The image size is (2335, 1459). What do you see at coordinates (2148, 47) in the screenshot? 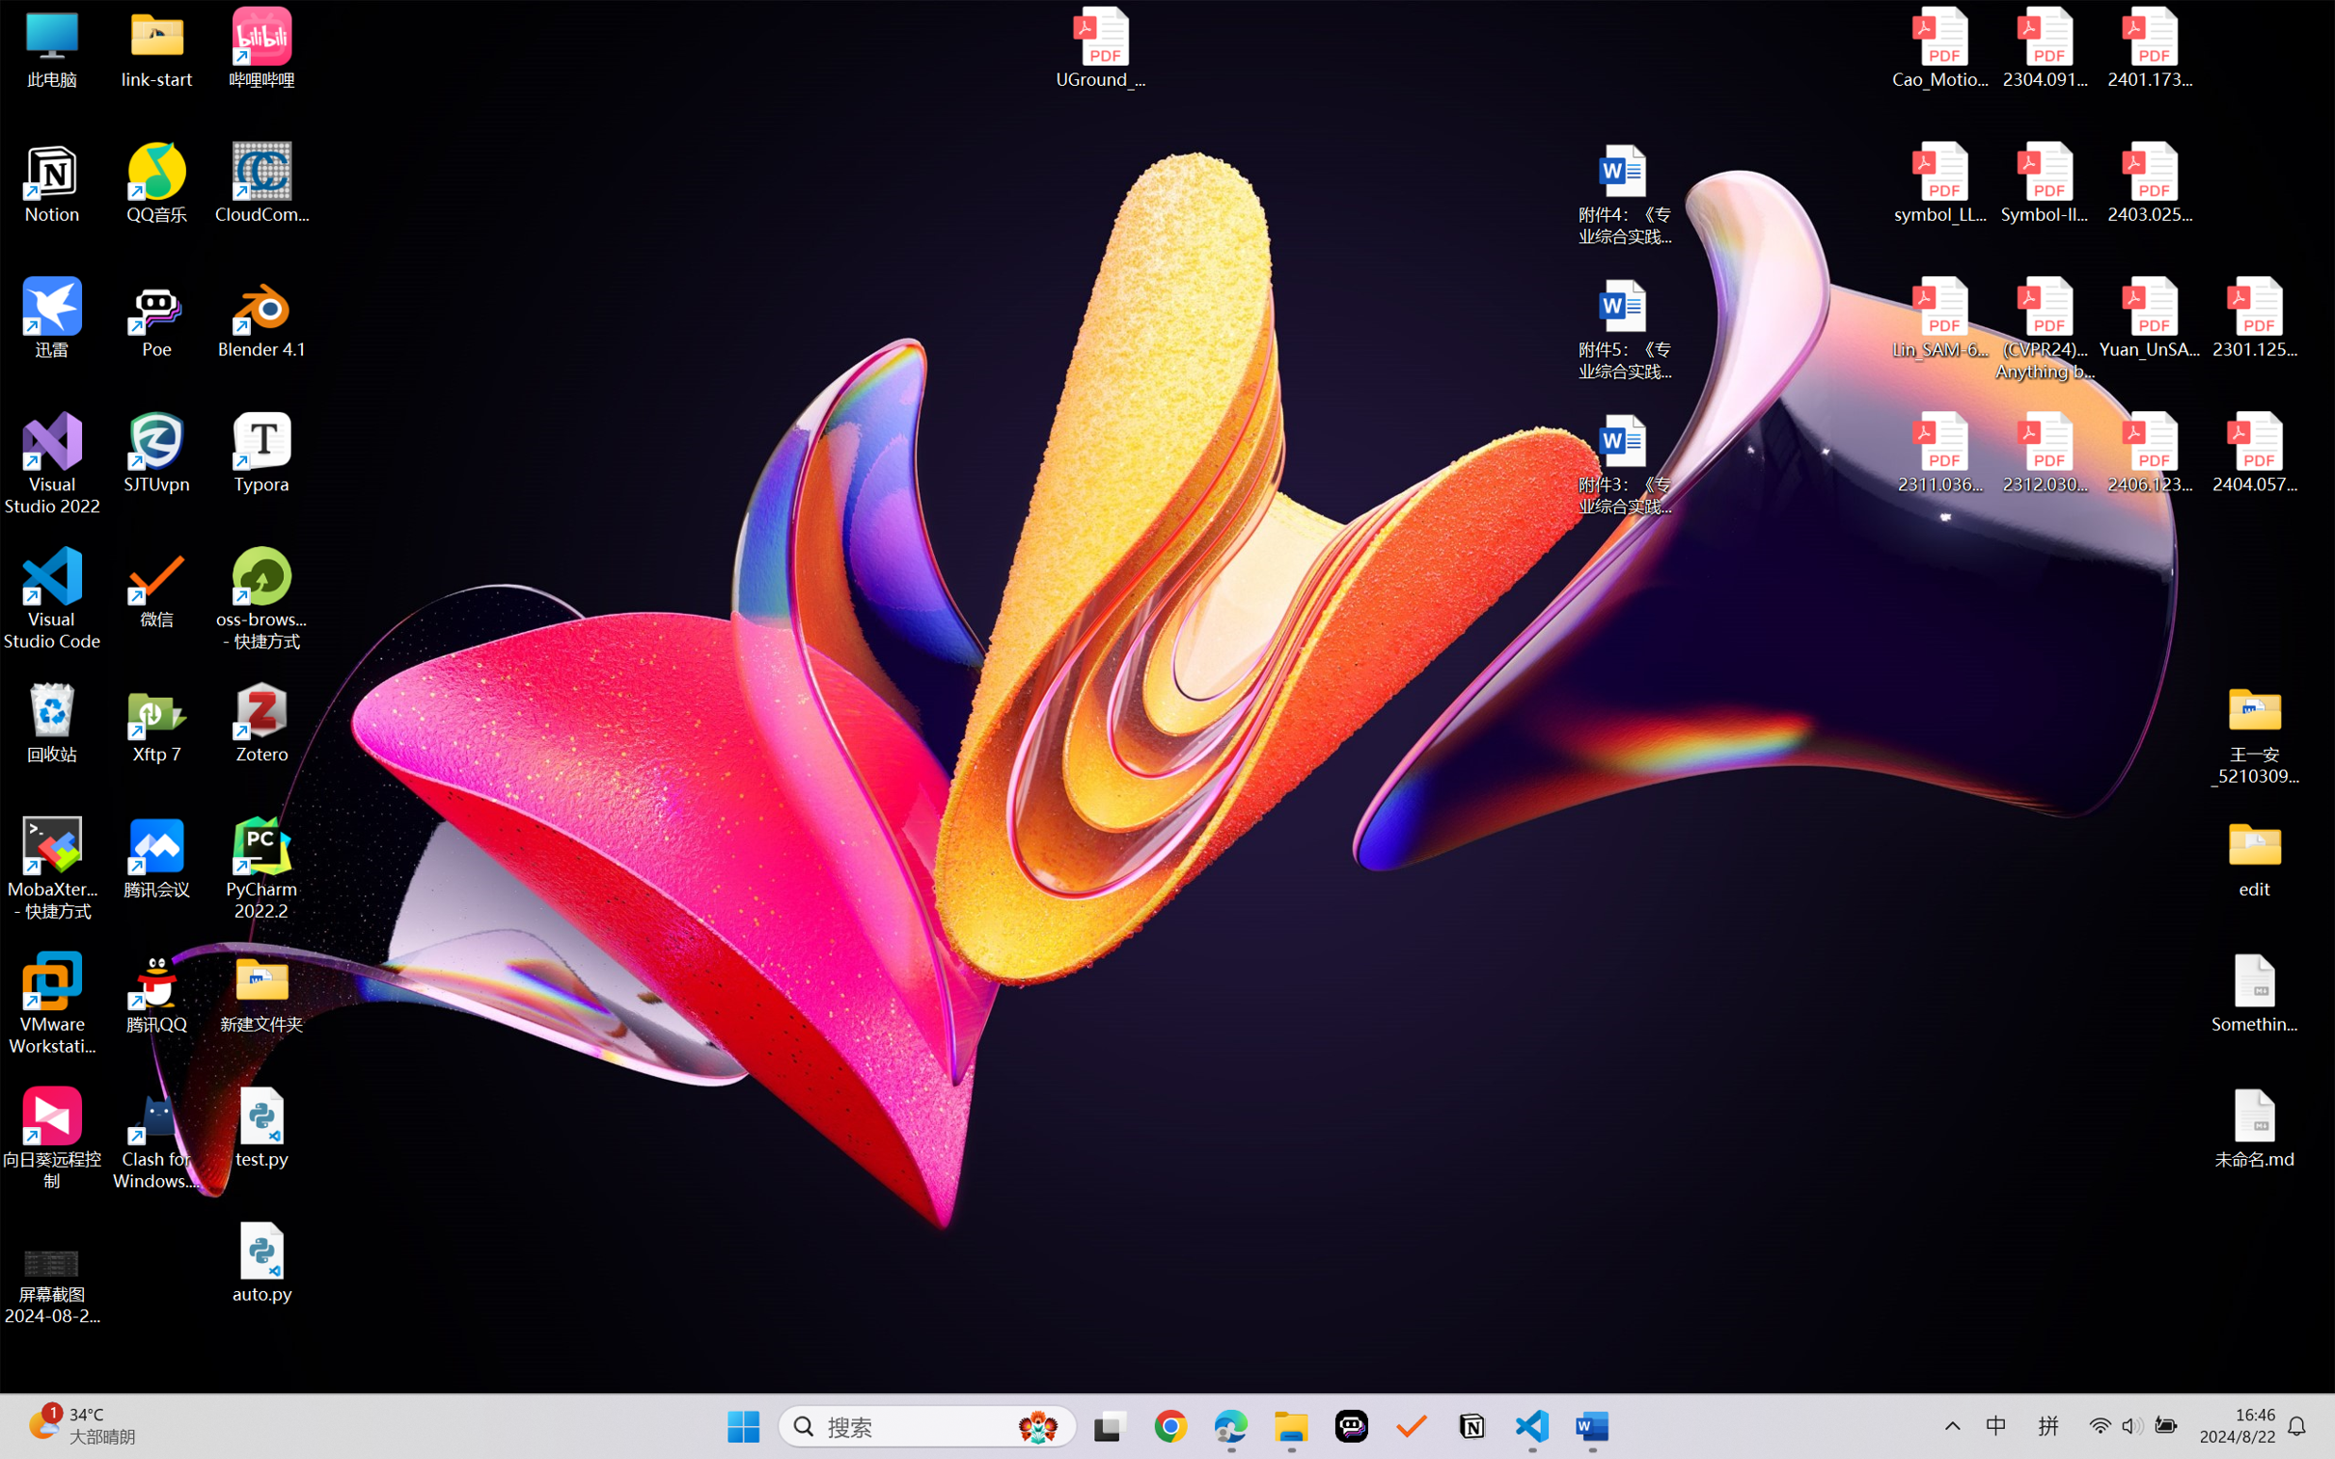
I see `'2401.17399v1.pdf'` at bounding box center [2148, 47].